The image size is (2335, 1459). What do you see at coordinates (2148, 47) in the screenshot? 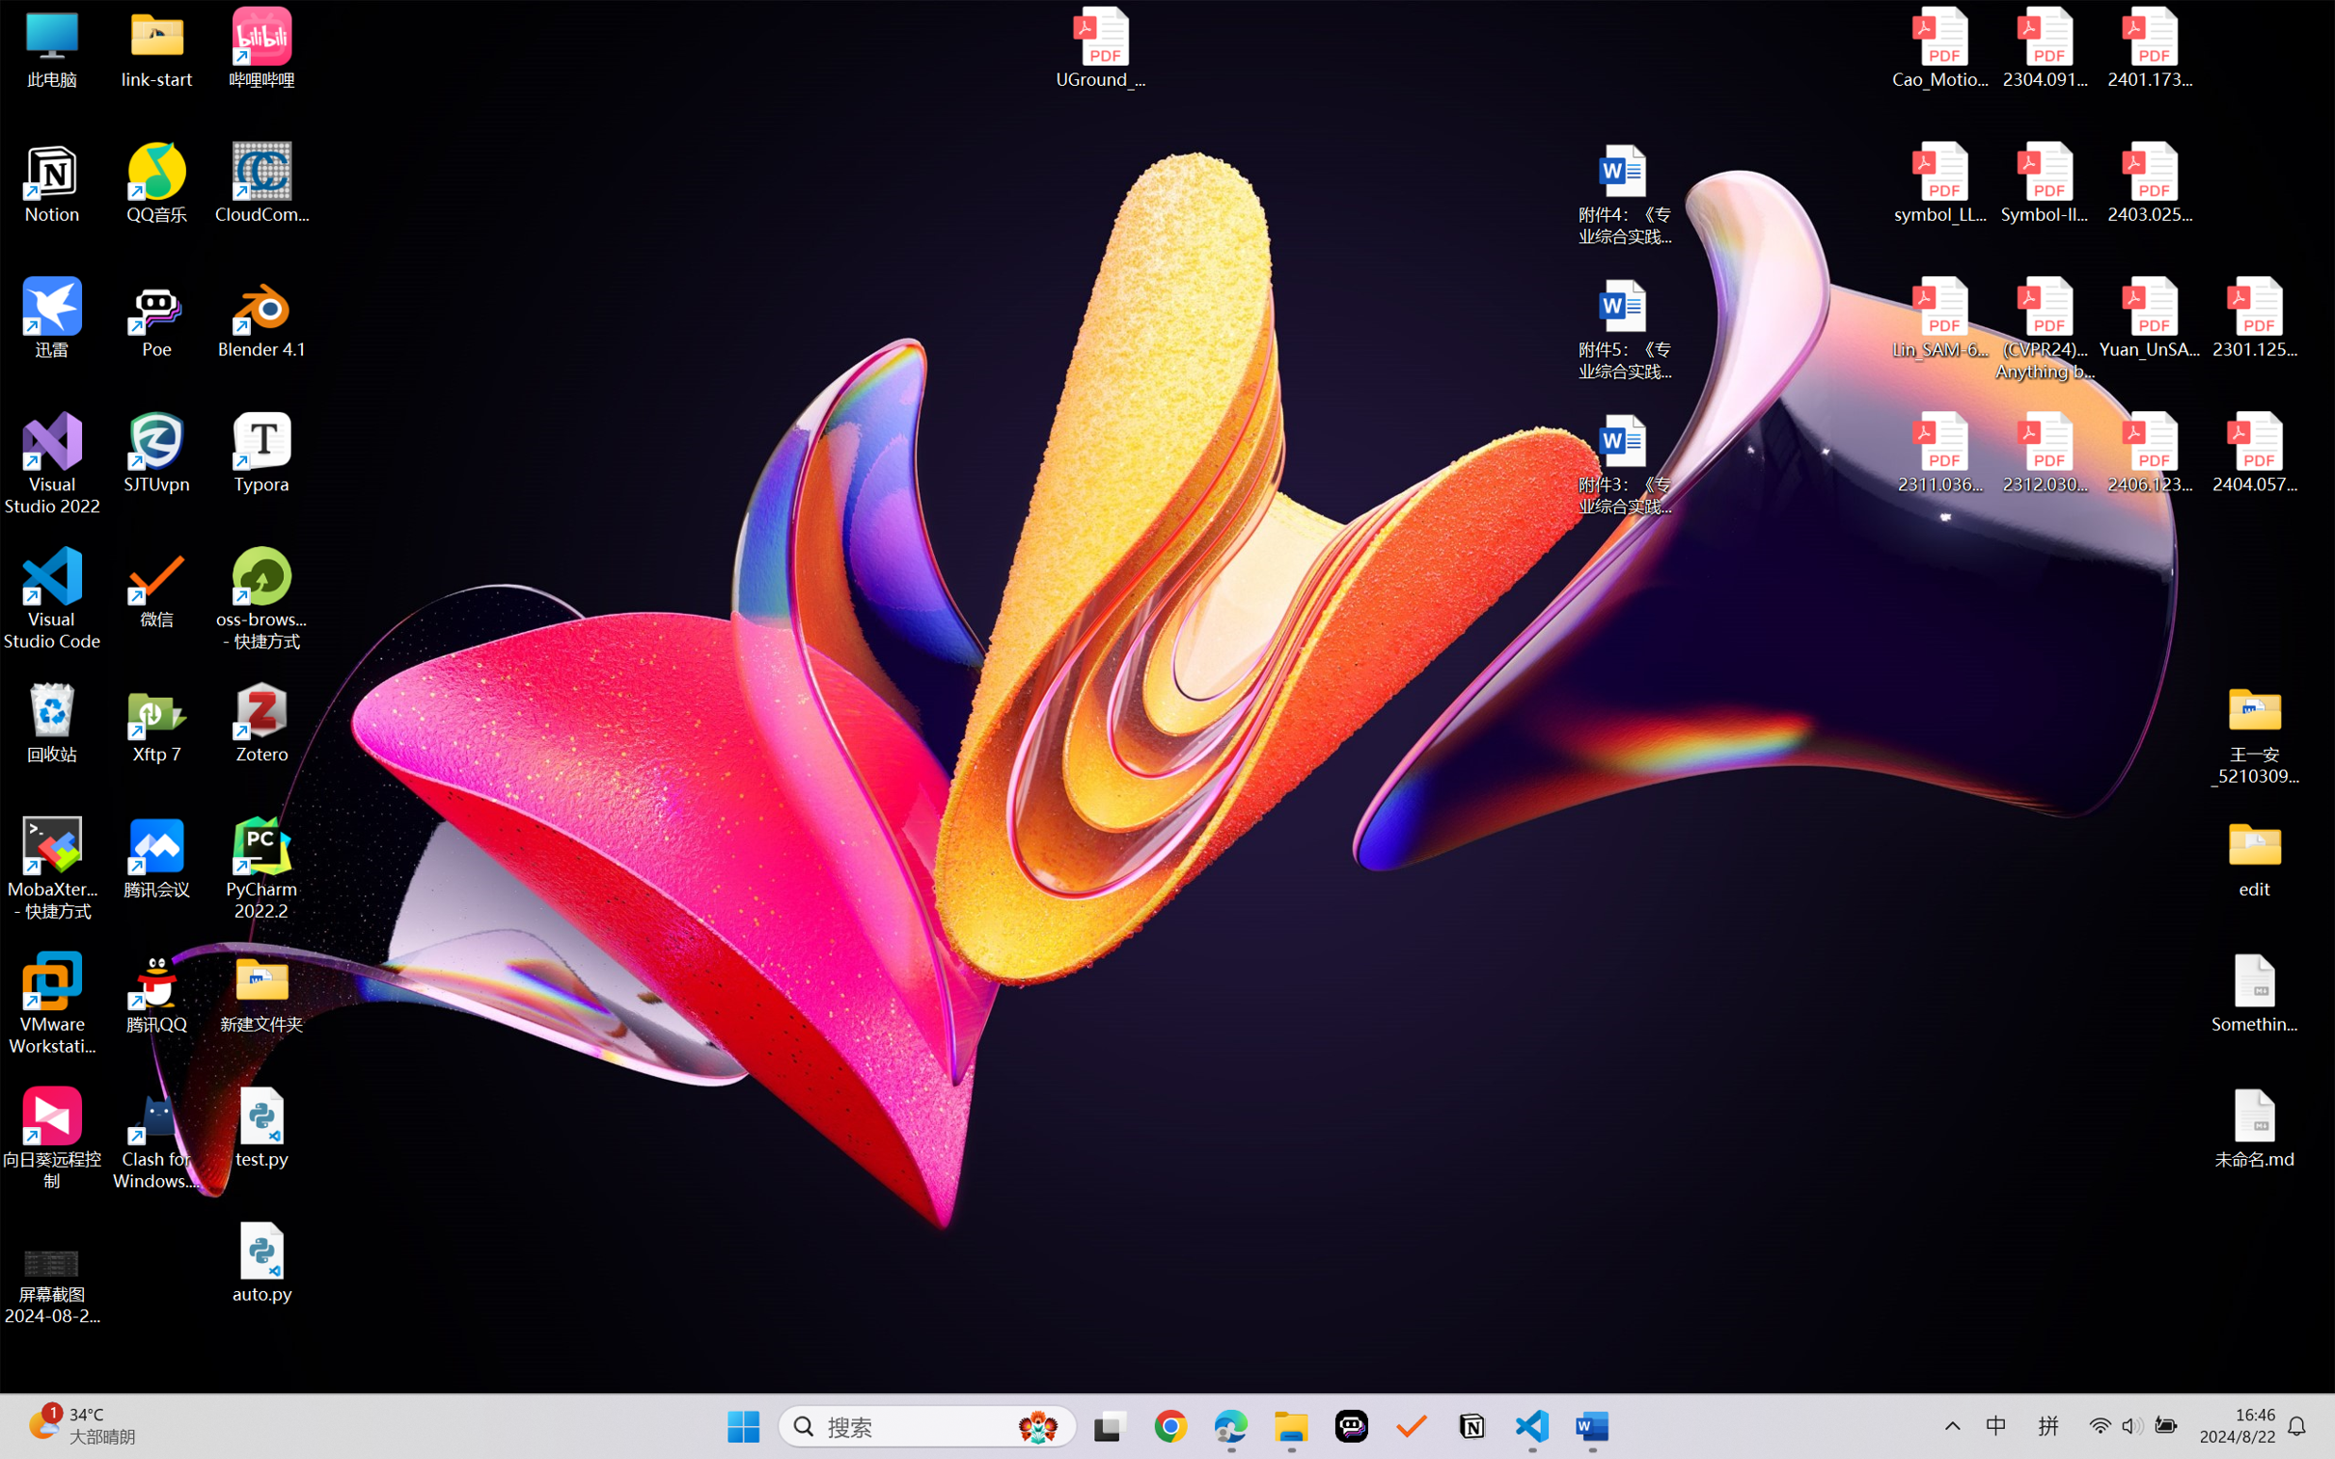
I see `'2401.17399v1.pdf'` at bounding box center [2148, 47].